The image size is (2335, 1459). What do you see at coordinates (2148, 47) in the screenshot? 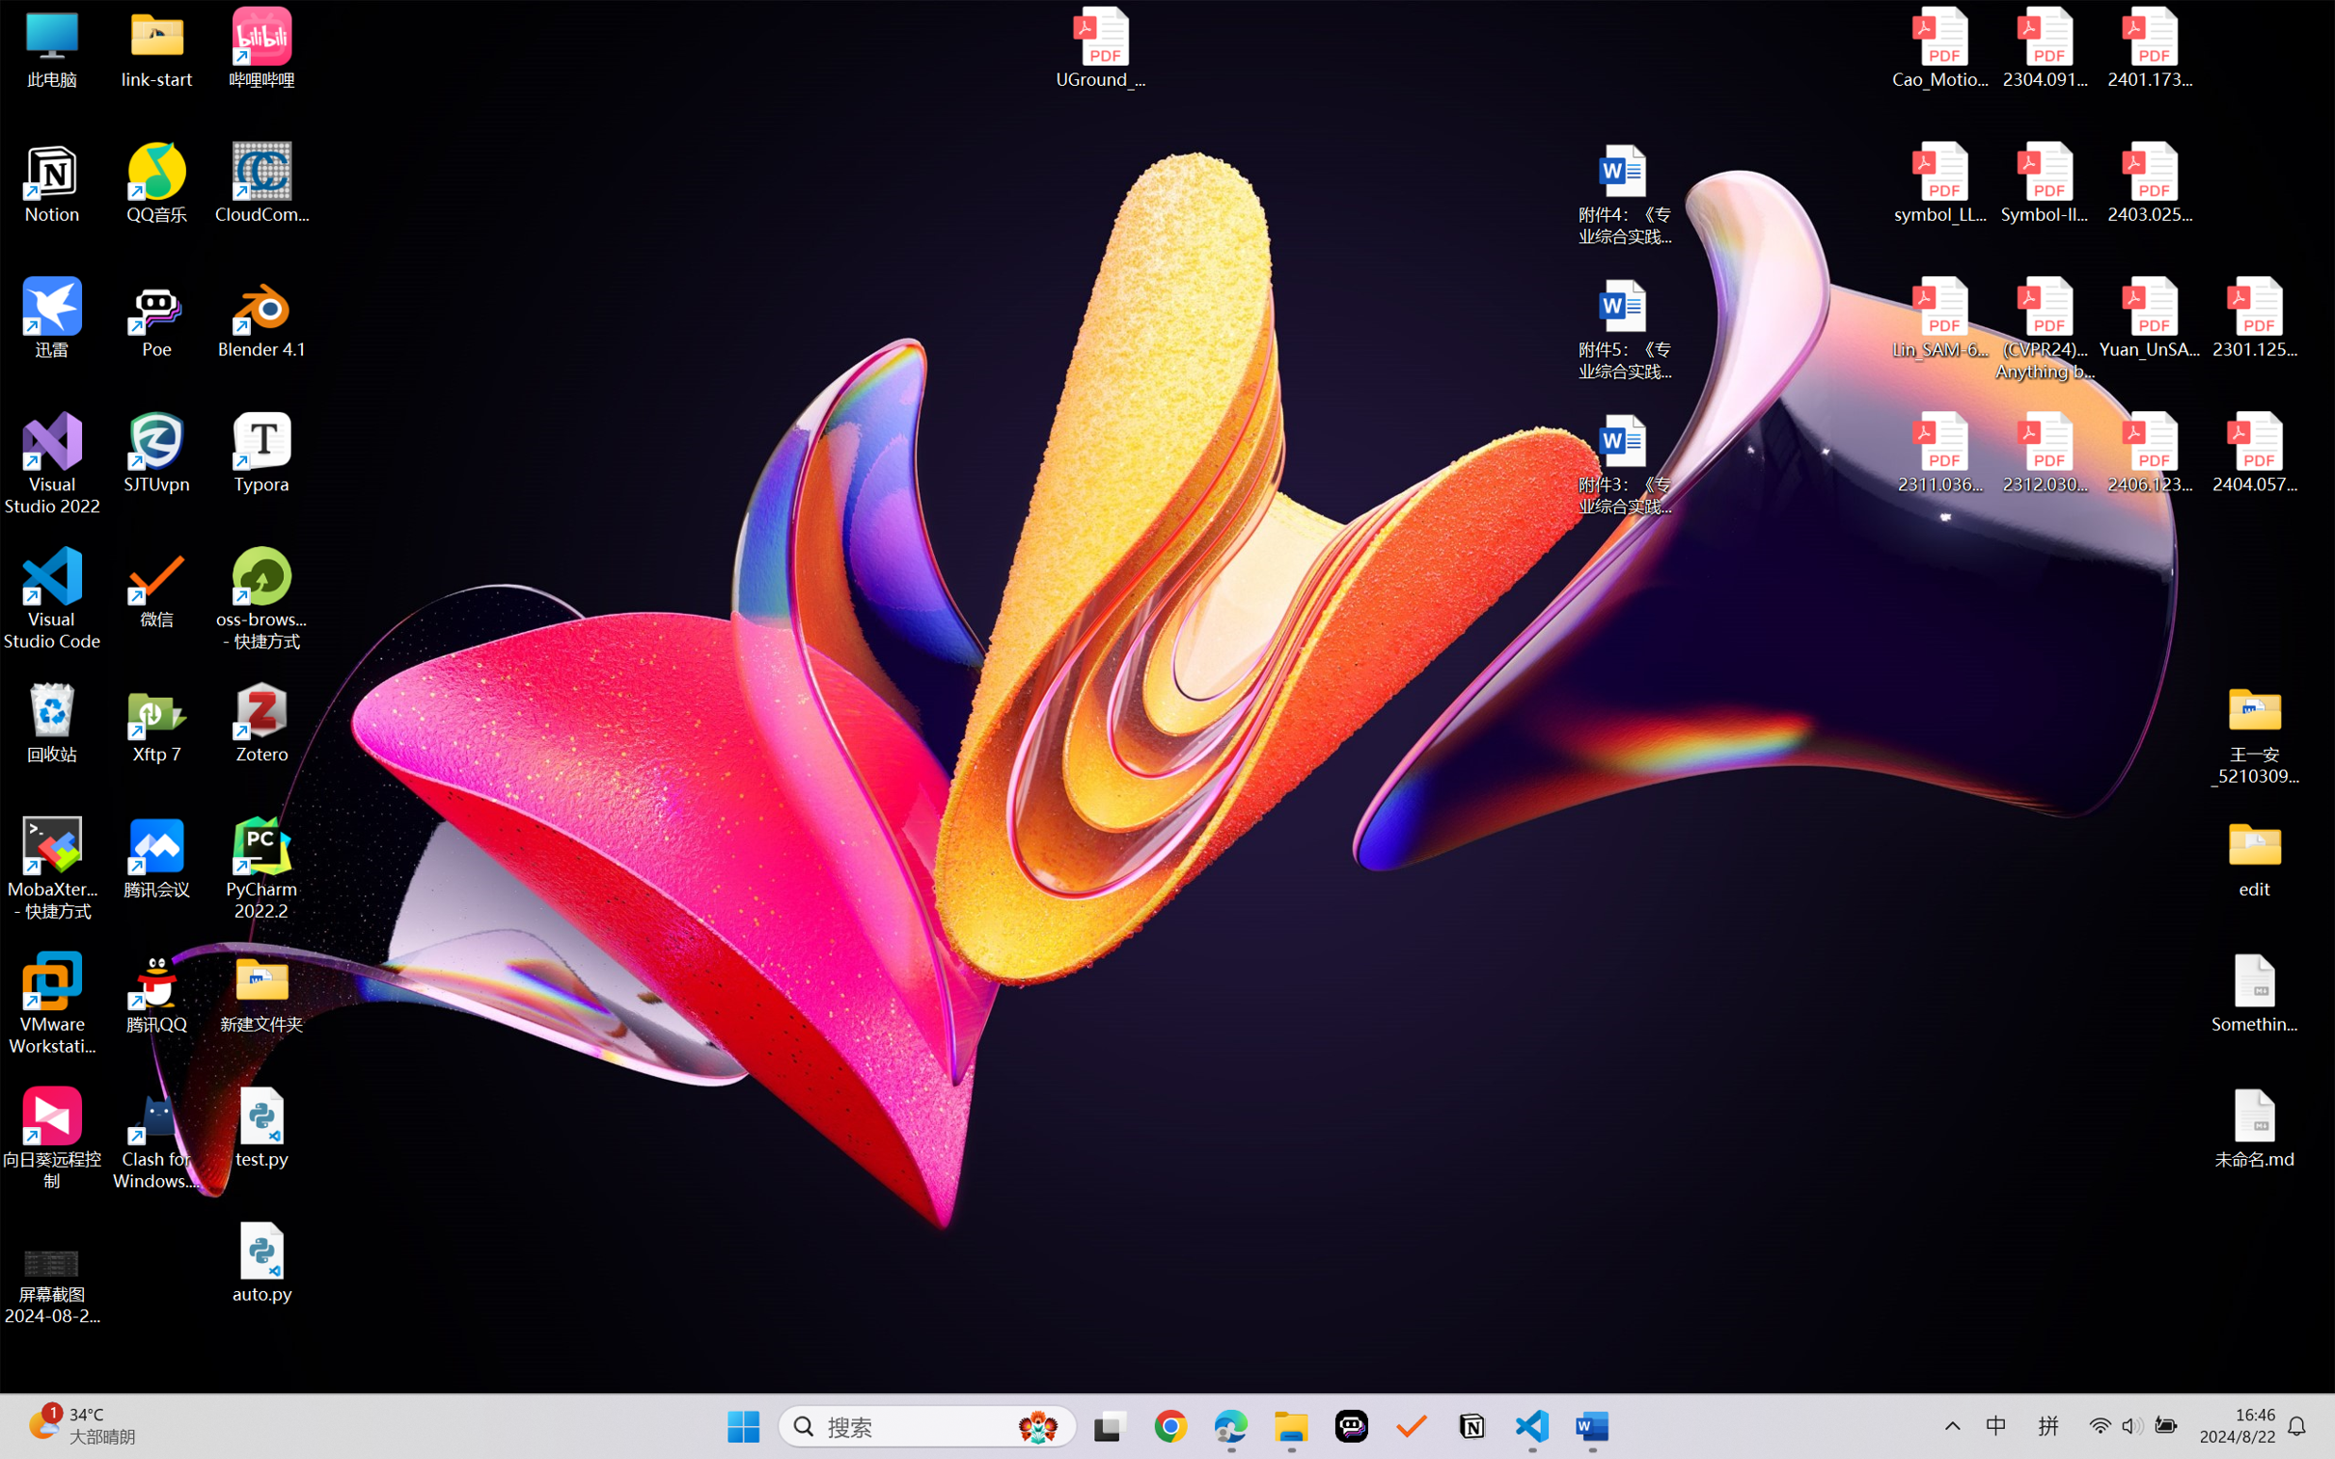
I see `'2401.17399v1.pdf'` at bounding box center [2148, 47].